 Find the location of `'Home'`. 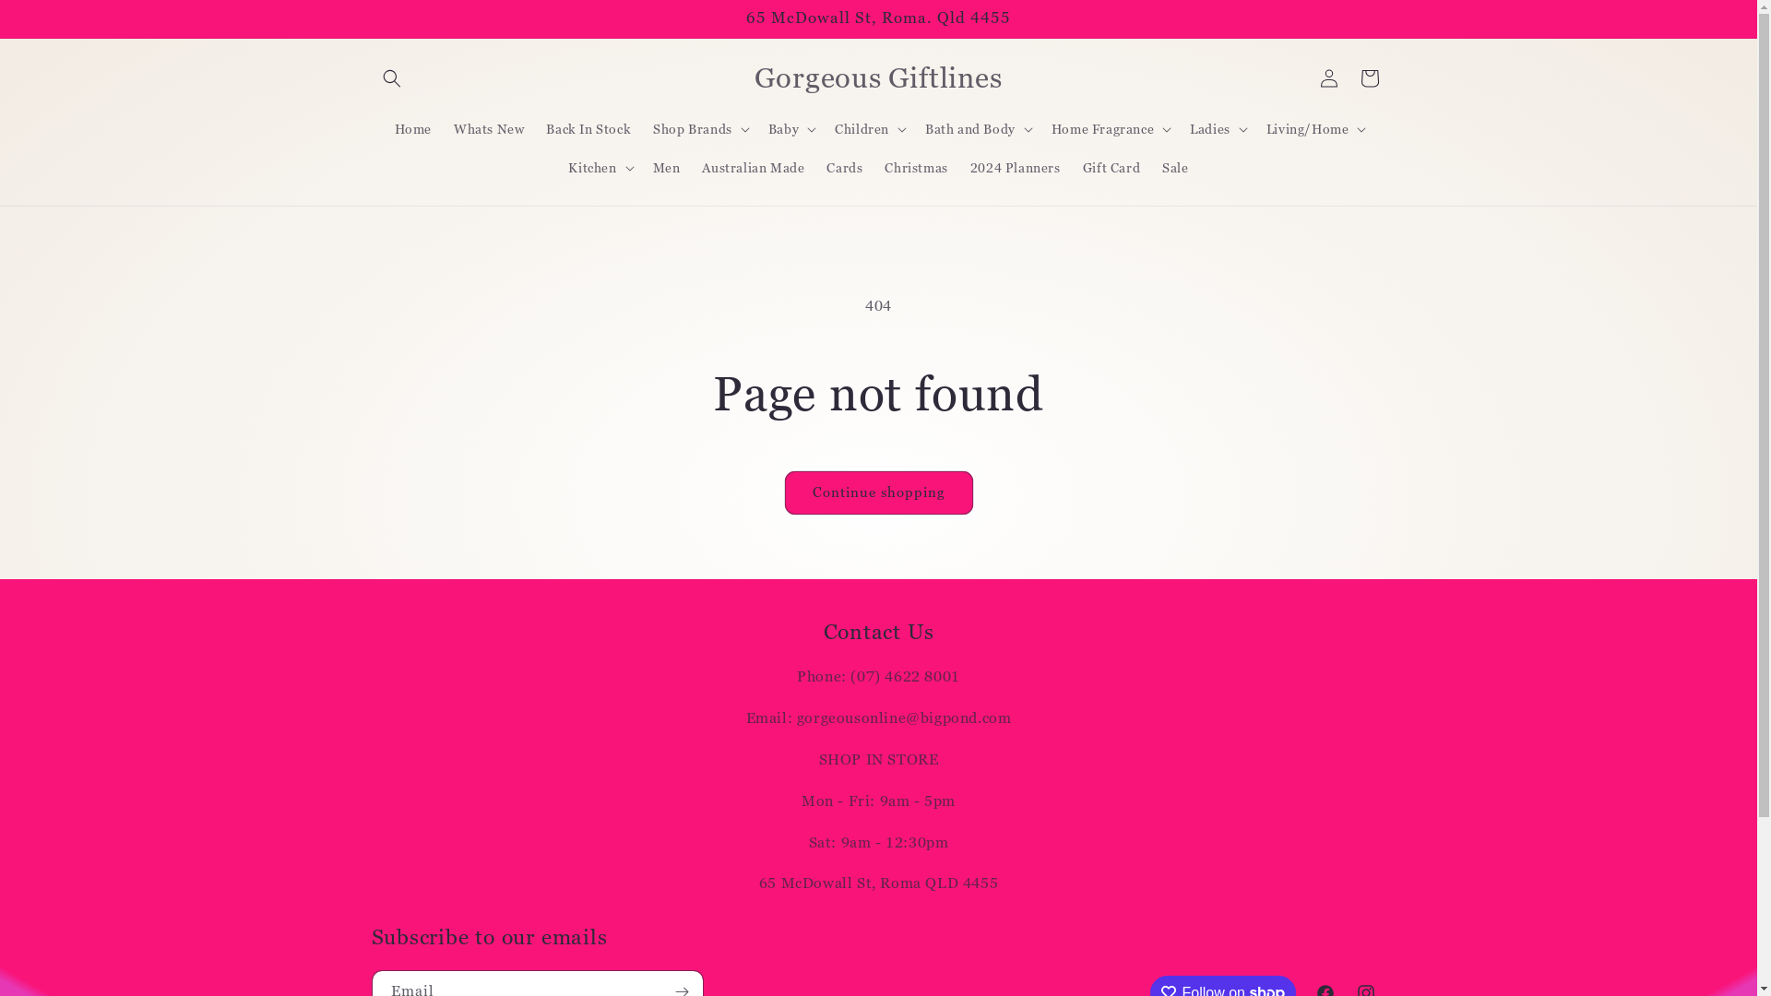

'Home' is located at coordinates (411, 126).